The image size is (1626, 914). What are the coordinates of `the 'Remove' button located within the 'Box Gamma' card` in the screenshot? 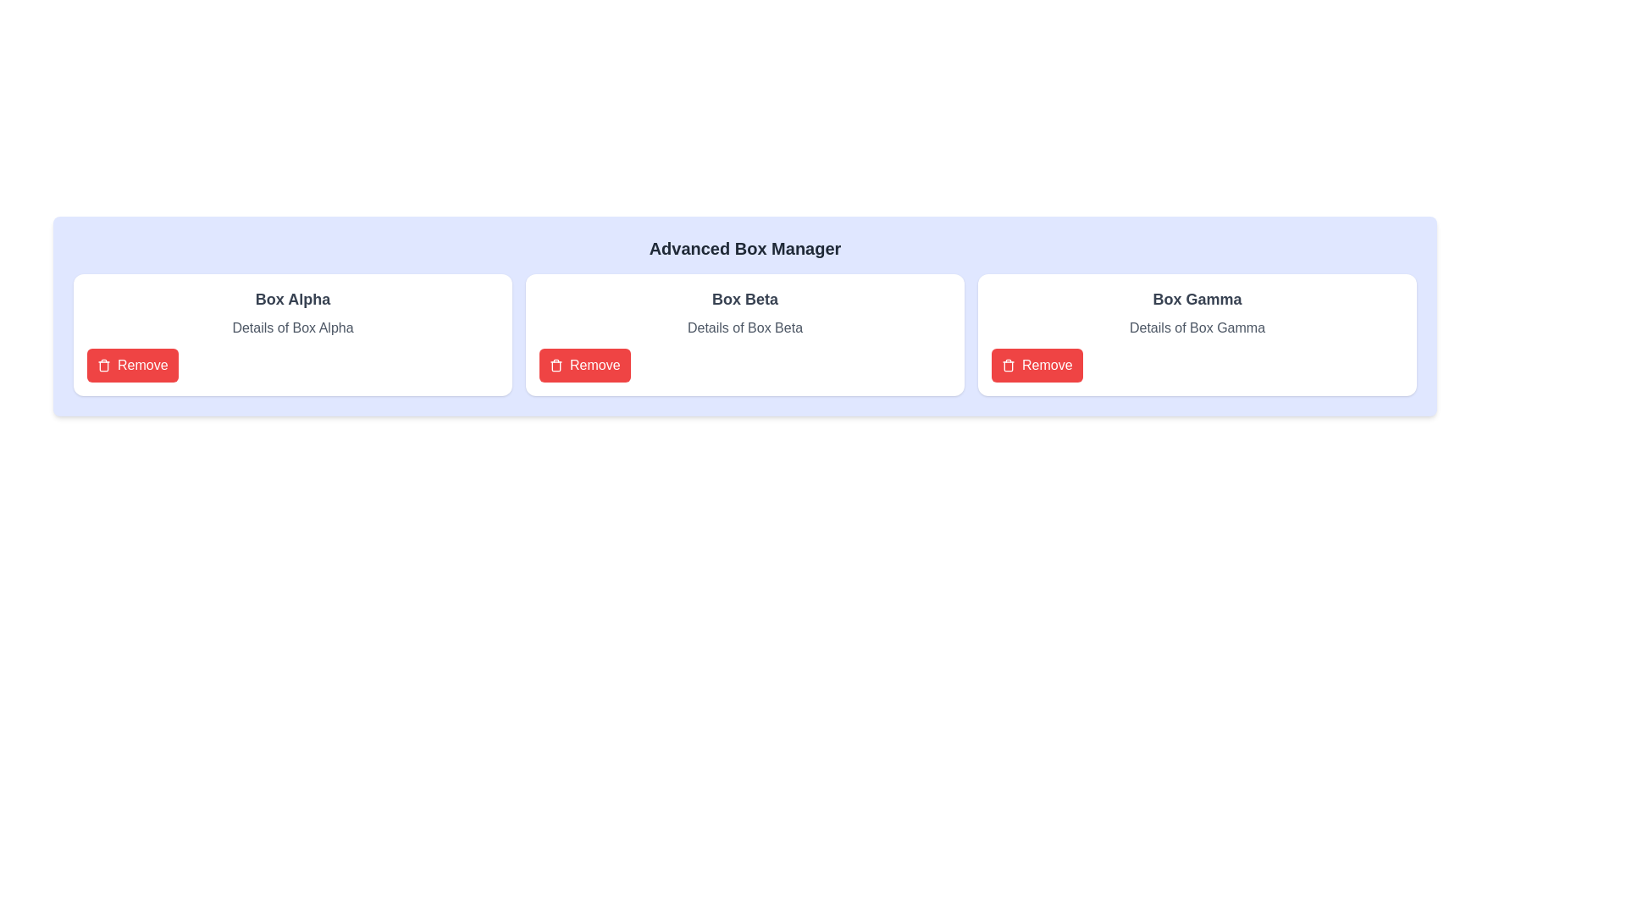 It's located at (1036, 365).